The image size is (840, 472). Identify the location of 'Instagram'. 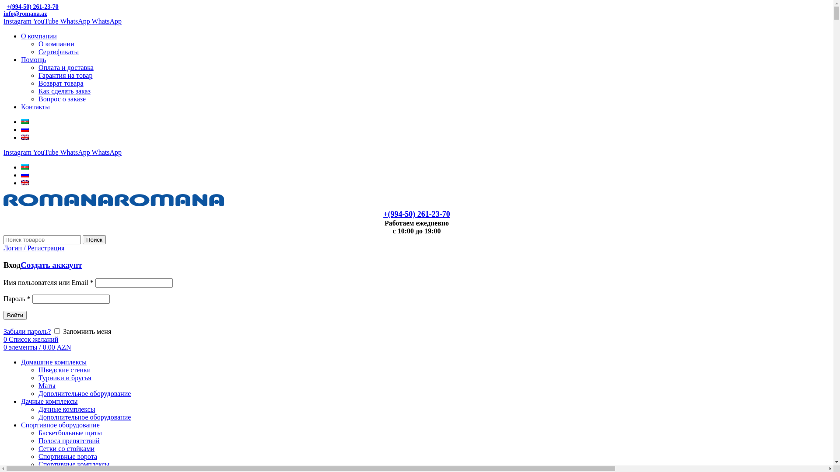
(18, 21).